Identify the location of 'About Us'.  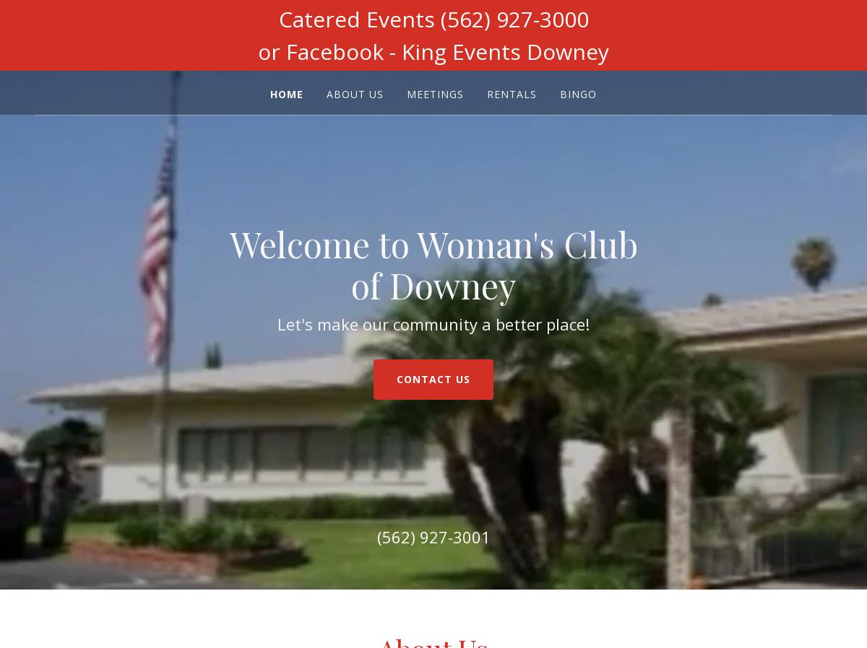
(354, 93).